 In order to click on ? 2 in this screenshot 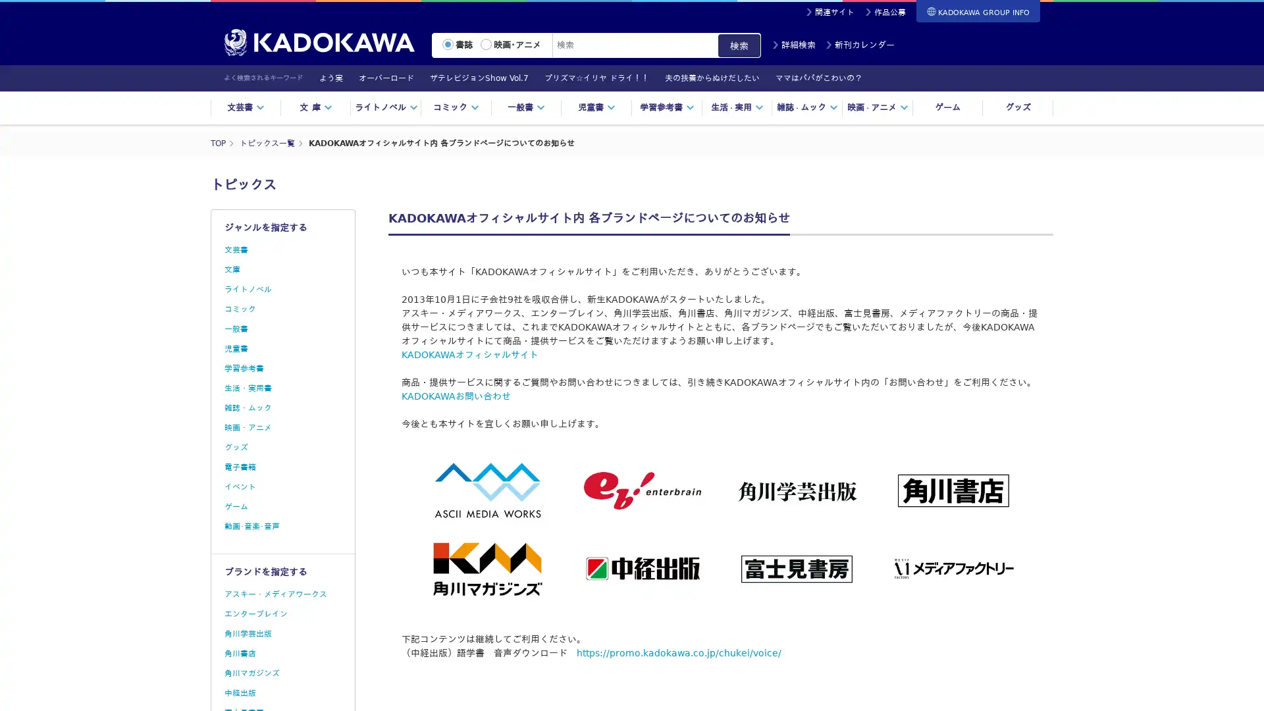, I will do `click(661, 99)`.